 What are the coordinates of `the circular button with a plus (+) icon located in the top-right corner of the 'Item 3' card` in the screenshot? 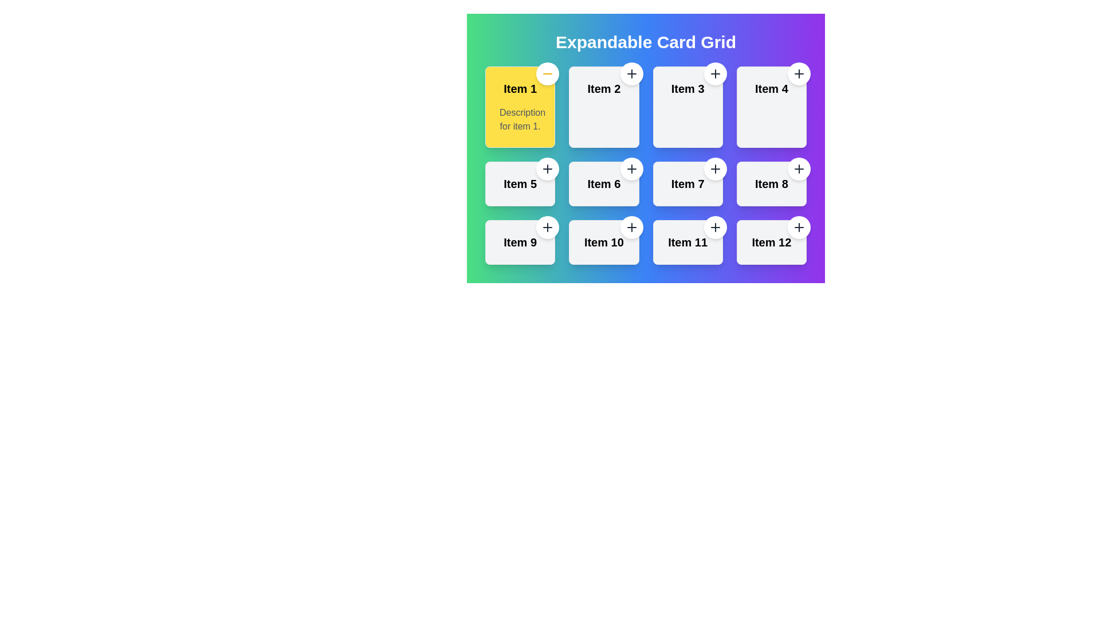 It's located at (714, 73).